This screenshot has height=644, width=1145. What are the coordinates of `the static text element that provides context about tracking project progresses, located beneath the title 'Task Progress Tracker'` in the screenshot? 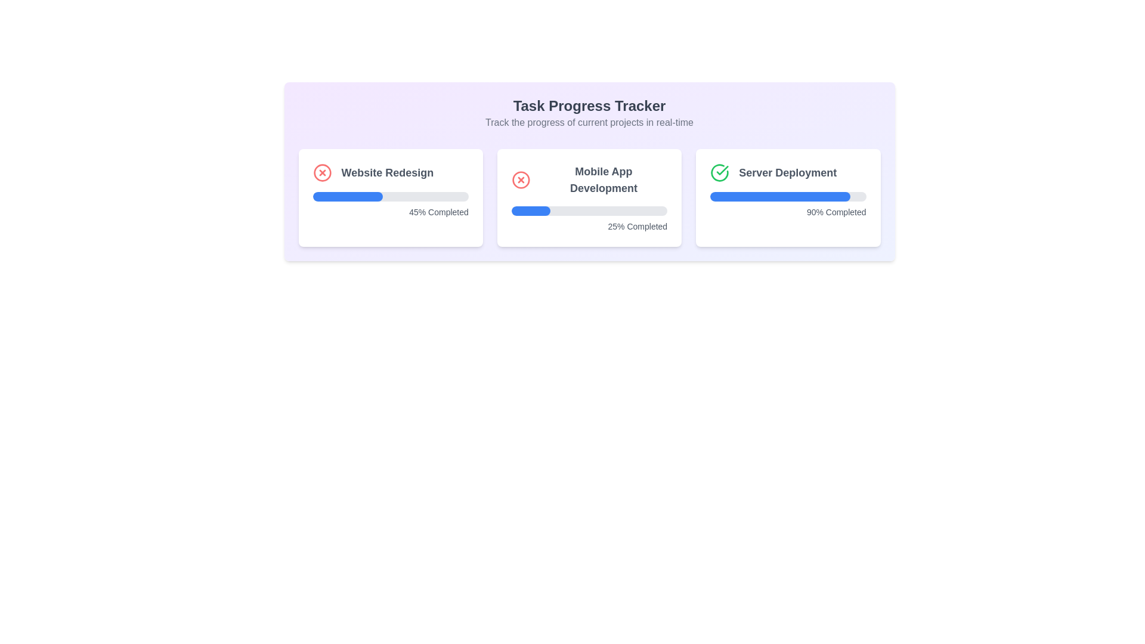 It's located at (589, 122).